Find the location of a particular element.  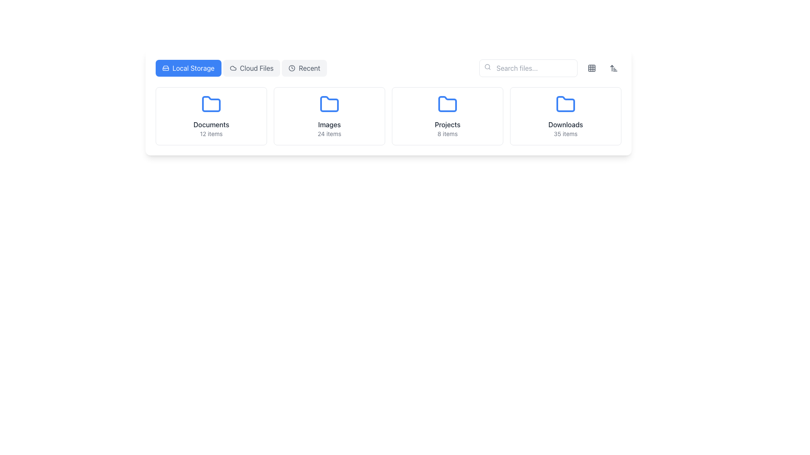

the search input box located at the top-right of the interface, which has a placeholder text 'Search files...', by using keyboard shortcuts is located at coordinates (528, 68).